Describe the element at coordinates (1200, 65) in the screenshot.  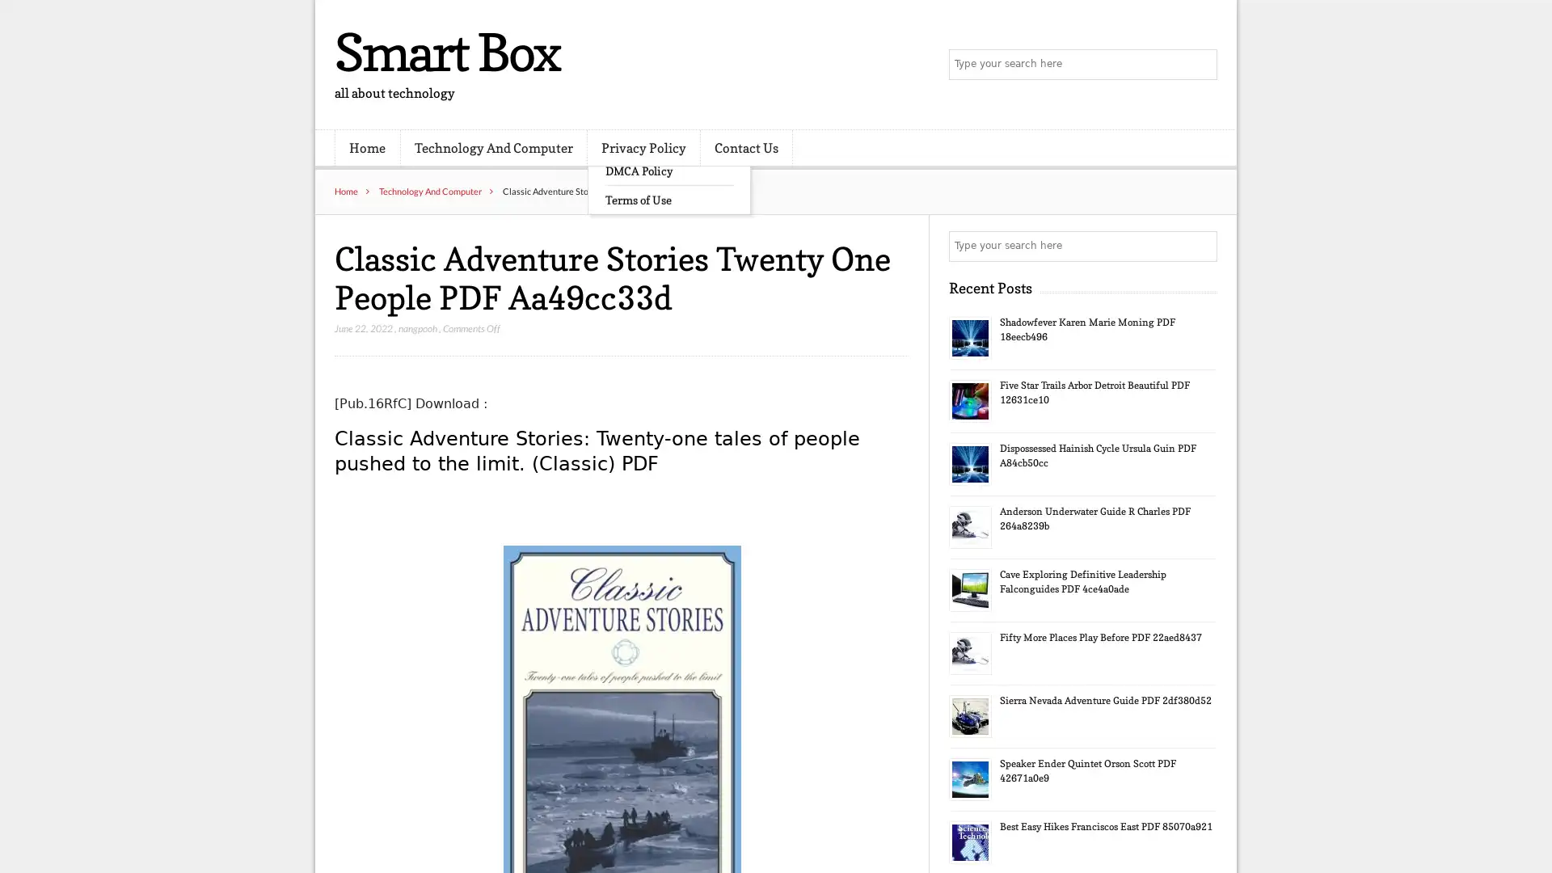
I see `Search` at that location.